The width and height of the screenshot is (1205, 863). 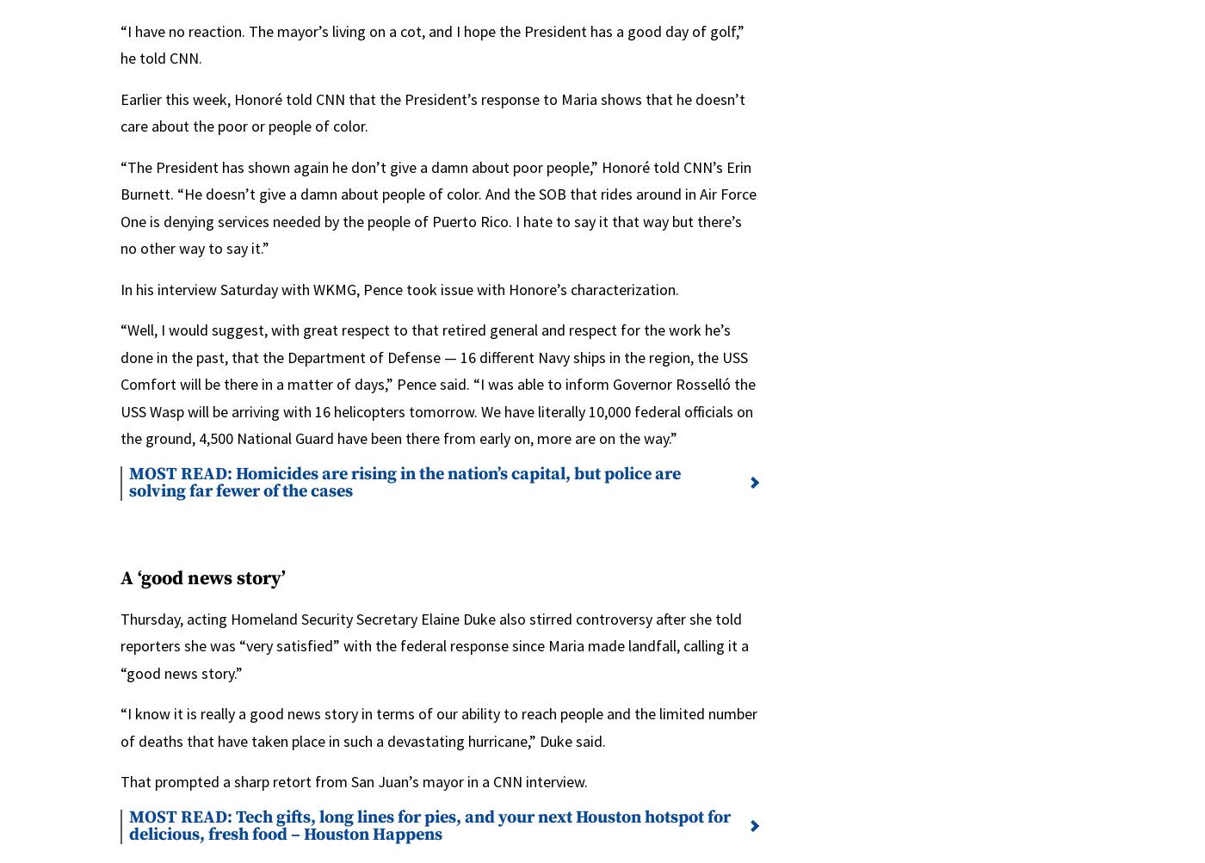 I want to click on 'MOST READ: Homicides are rising in the nation’s capital, but police are solving far fewer of the cases', so click(x=404, y=481).